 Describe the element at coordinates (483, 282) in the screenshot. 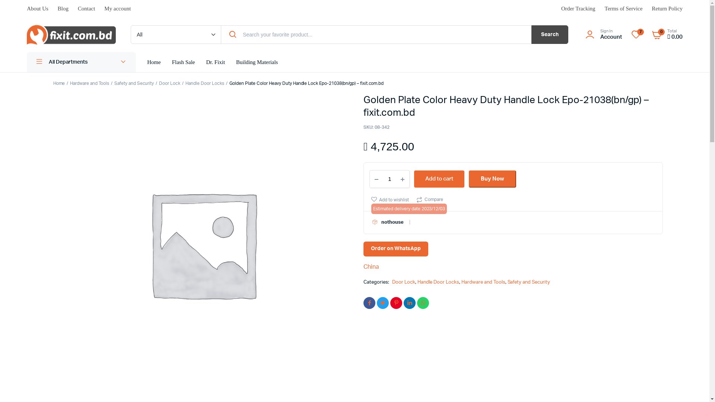

I see `'Hardware and Tools'` at that location.